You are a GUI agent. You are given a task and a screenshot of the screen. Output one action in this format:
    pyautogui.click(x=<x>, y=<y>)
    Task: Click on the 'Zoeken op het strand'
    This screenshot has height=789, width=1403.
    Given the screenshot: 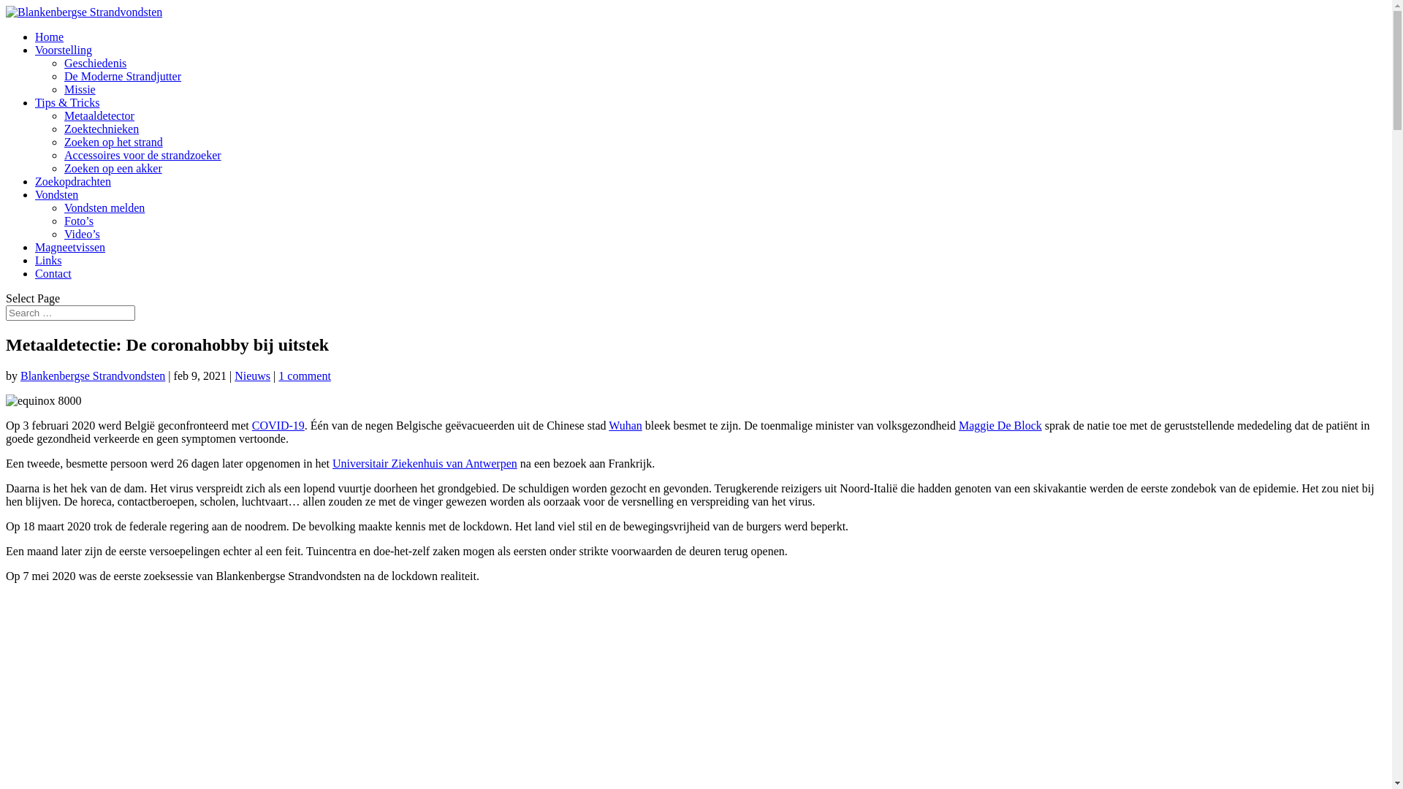 What is the action you would take?
    pyautogui.click(x=113, y=142)
    